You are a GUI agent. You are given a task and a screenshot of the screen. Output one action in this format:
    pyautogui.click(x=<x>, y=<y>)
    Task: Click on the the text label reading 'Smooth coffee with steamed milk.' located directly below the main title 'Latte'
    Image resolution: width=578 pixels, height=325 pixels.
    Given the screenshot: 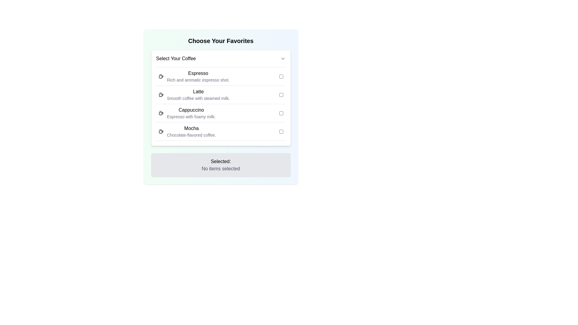 What is the action you would take?
    pyautogui.click(x=198, y=98)
    